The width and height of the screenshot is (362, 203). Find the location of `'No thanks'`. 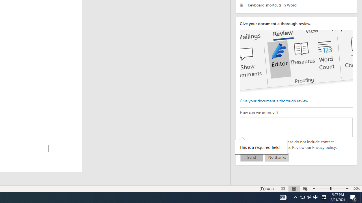

'No thanks' is located at coordinates (277, 157).